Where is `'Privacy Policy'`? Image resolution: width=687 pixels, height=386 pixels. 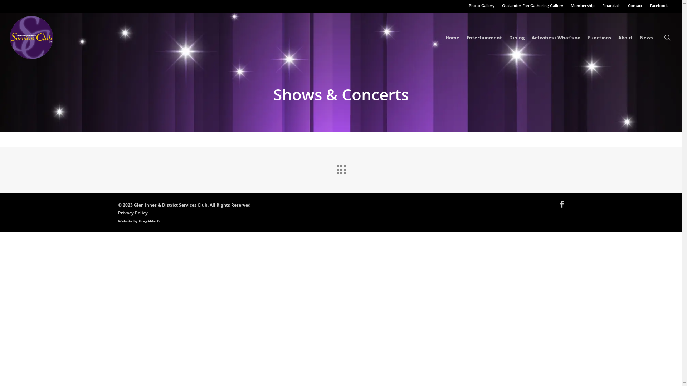
'Privacy Policy' is located at coordinates (118, 212).